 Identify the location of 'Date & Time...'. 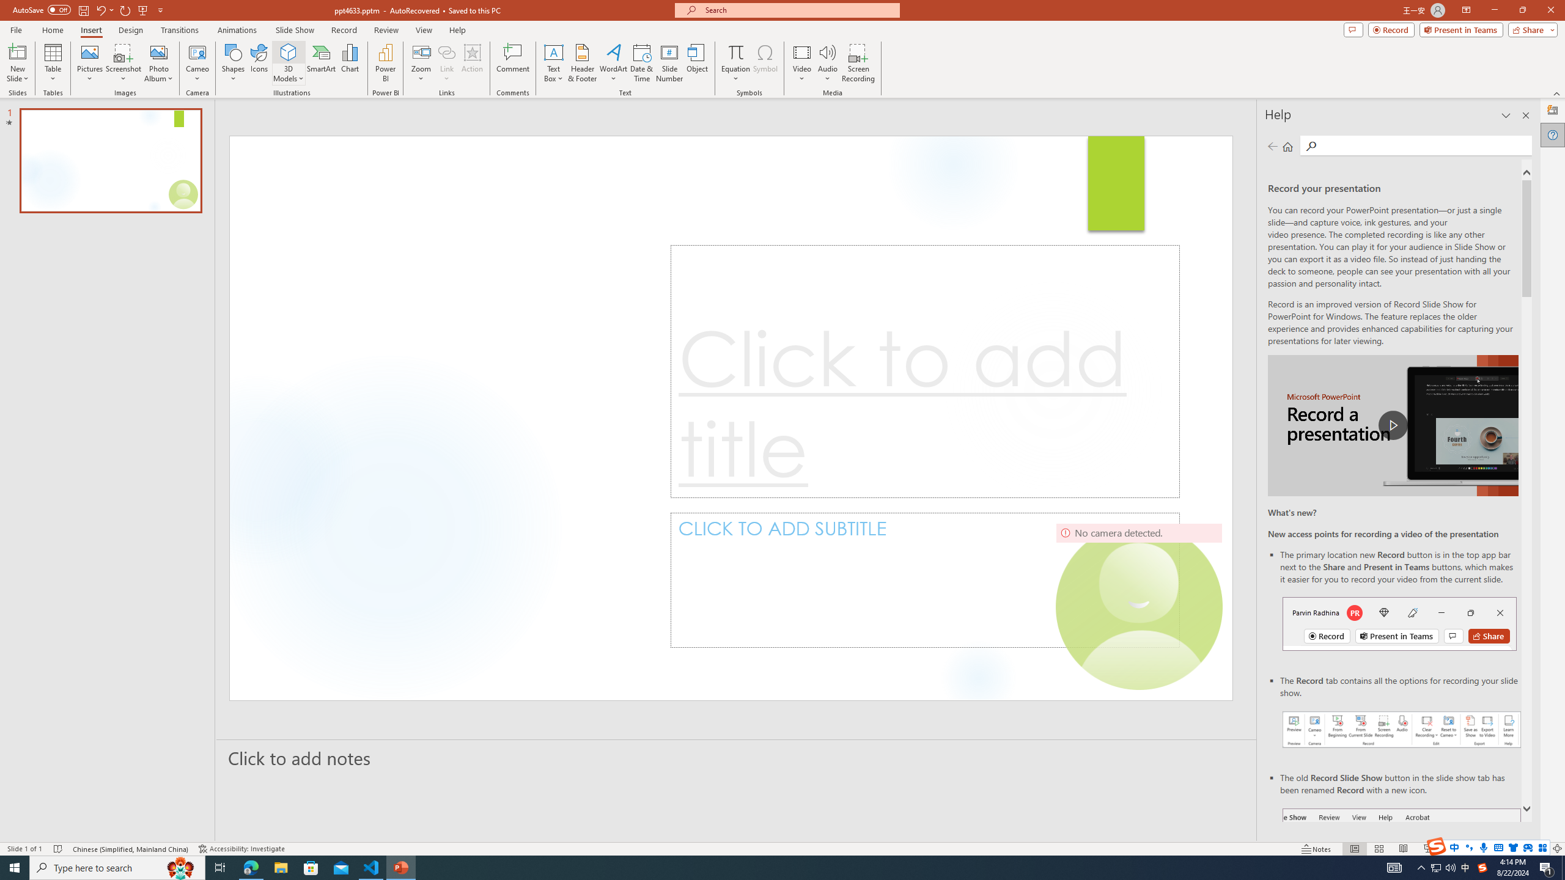
(641, 63).